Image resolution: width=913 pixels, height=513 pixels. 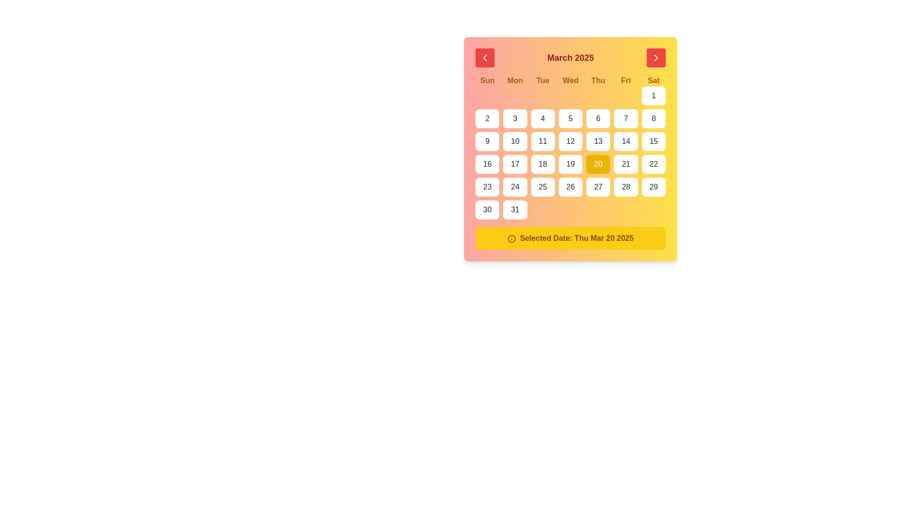 What do you see at coordinates (653, 95) in the screenshot?
I see `the button representing the first day of the month in the calendar layout, located in the top-right corner of the grid` at bounding box center [653, 95].